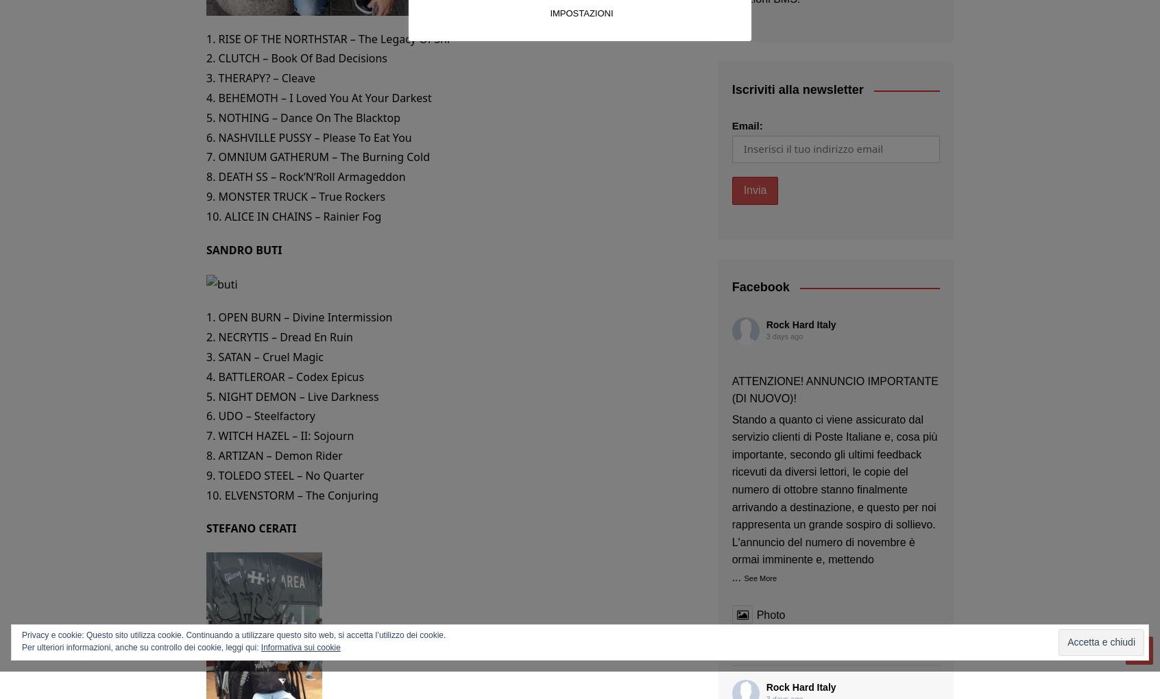  Describe the element at coordinates (261, 77) in the screenshot. I see `'3. THERAPY? – Cleave'` at that location.